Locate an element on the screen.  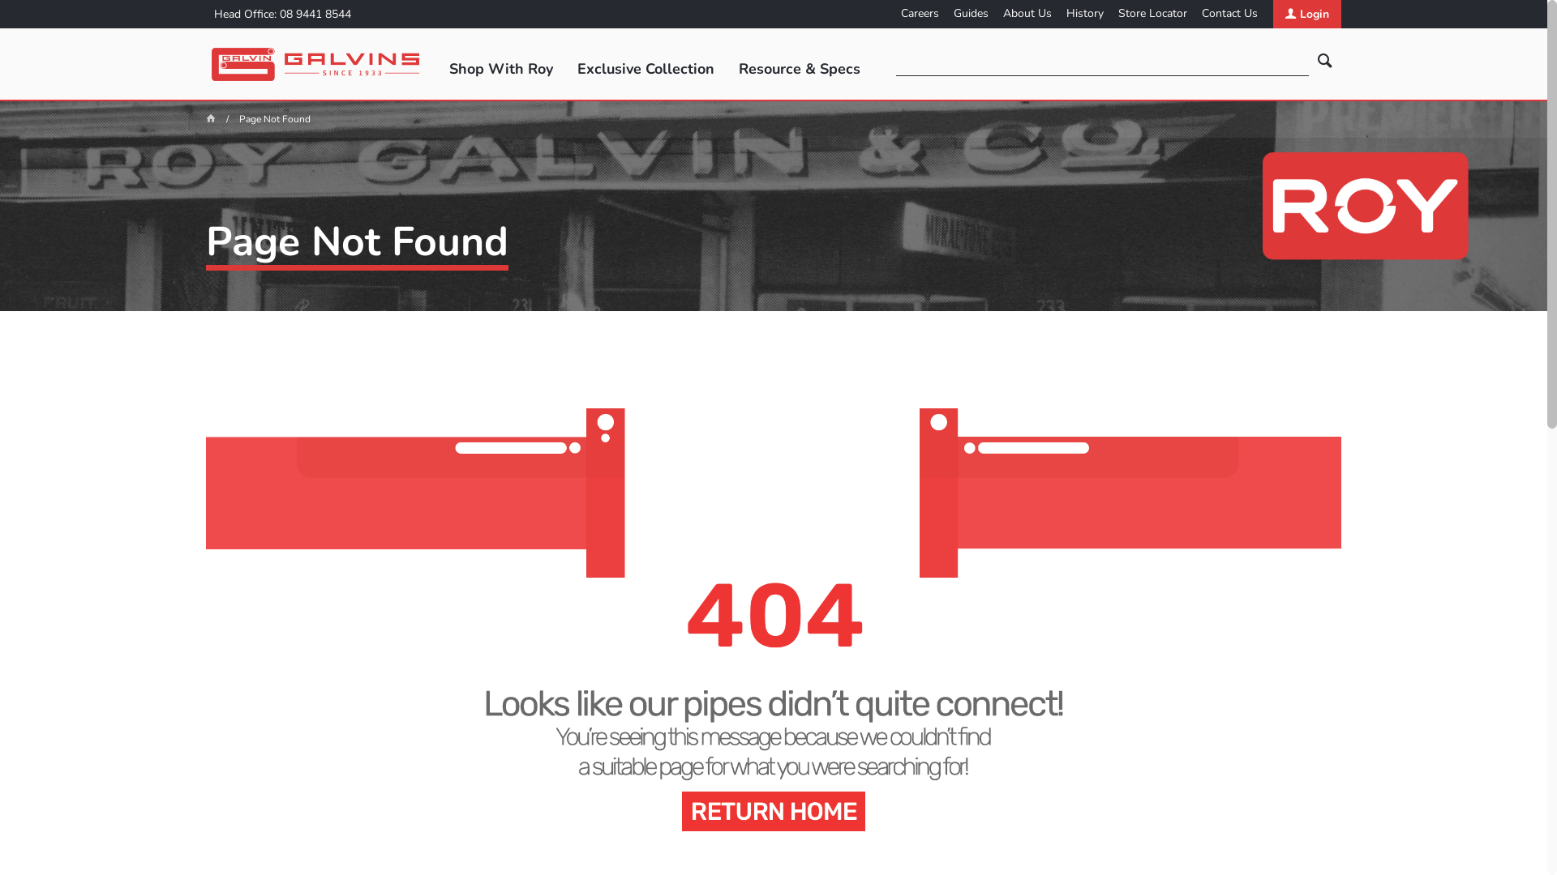
'Contact Us' is located at coordinates (1229, 14).